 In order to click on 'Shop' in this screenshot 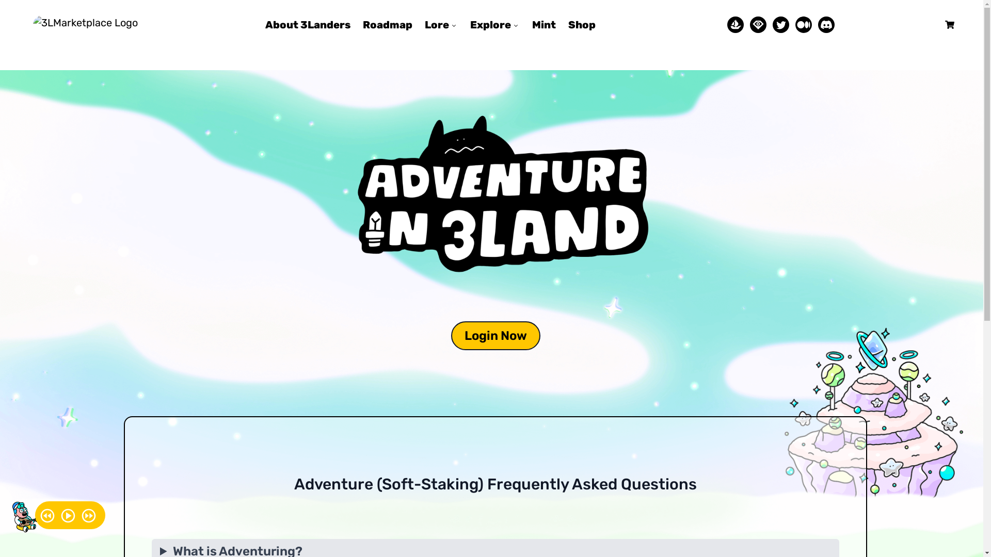, I will do `click(582, 24)`.